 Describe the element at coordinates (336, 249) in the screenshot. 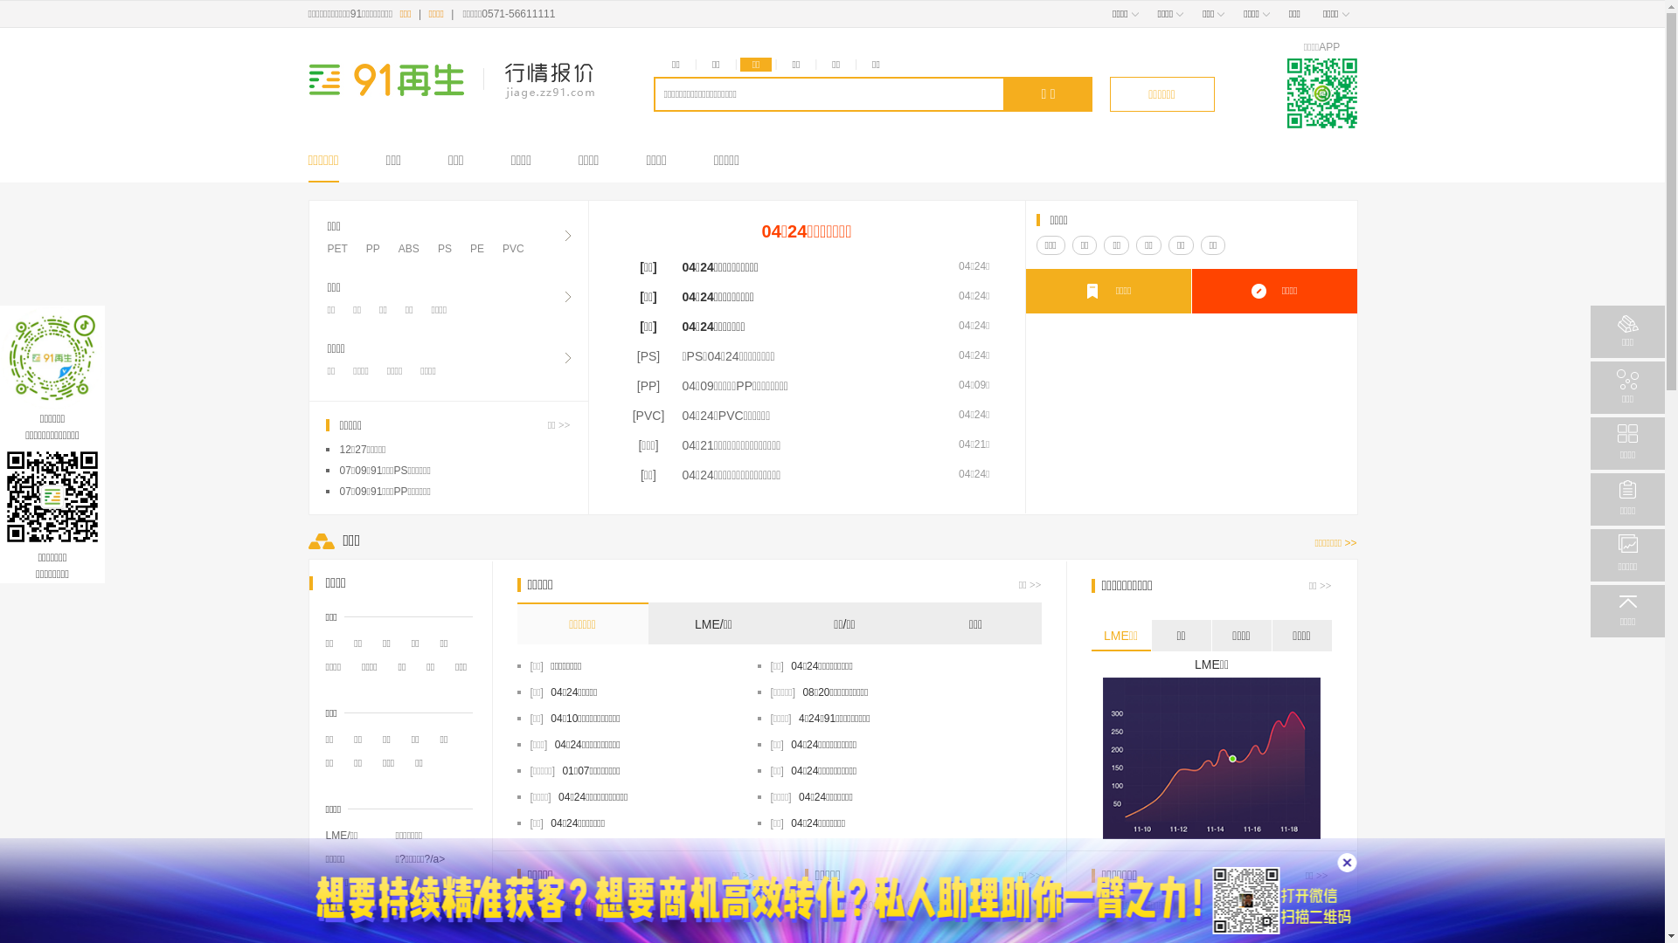

I see `'PET'` at that location.